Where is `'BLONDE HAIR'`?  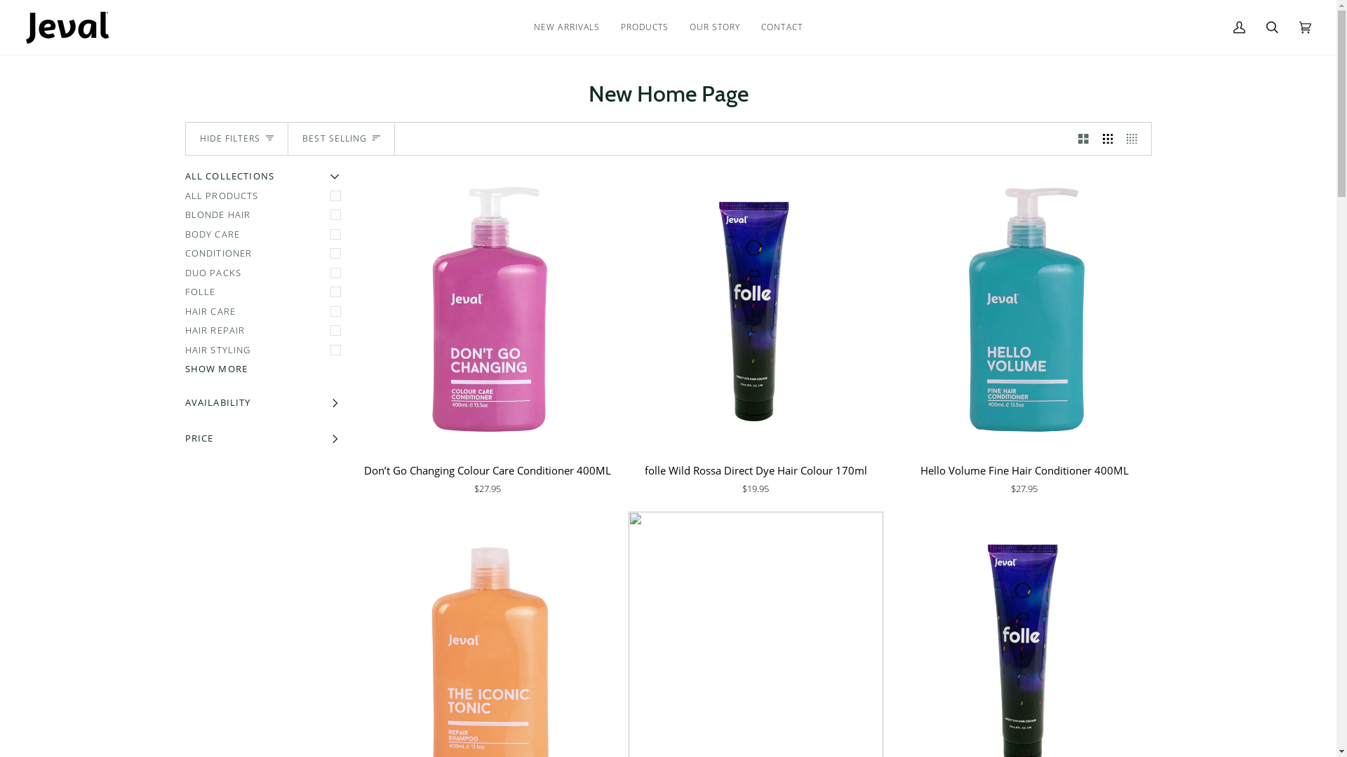
'BLONDE HAIR' is located at coordinates (185, 215).